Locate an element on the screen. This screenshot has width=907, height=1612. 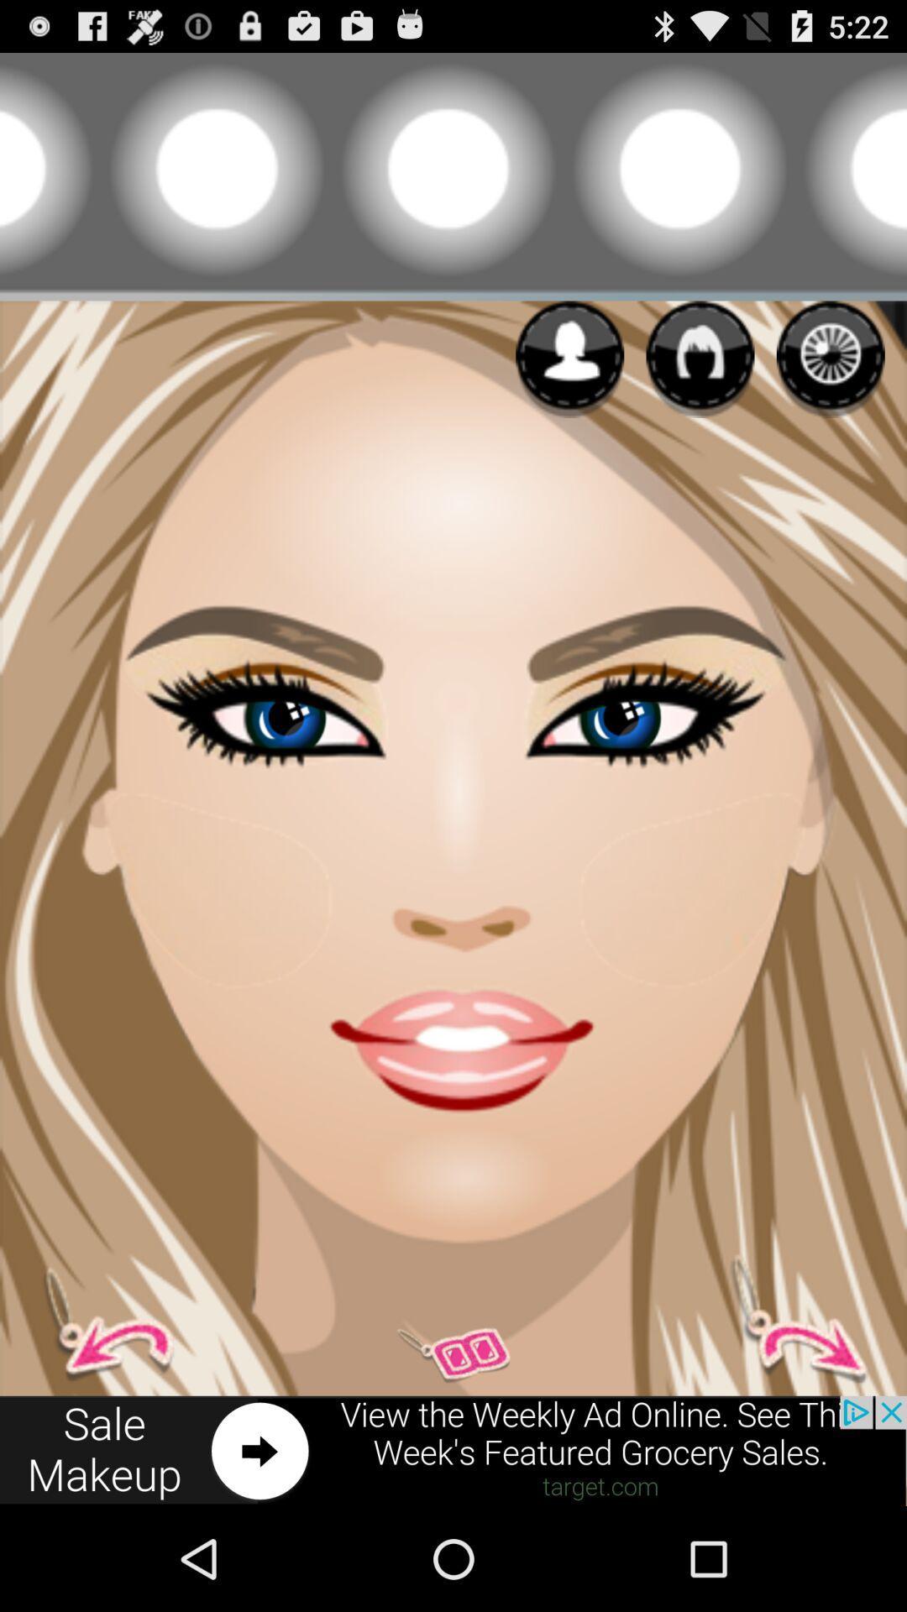
the right first icon is located at coordinates (569, 359).